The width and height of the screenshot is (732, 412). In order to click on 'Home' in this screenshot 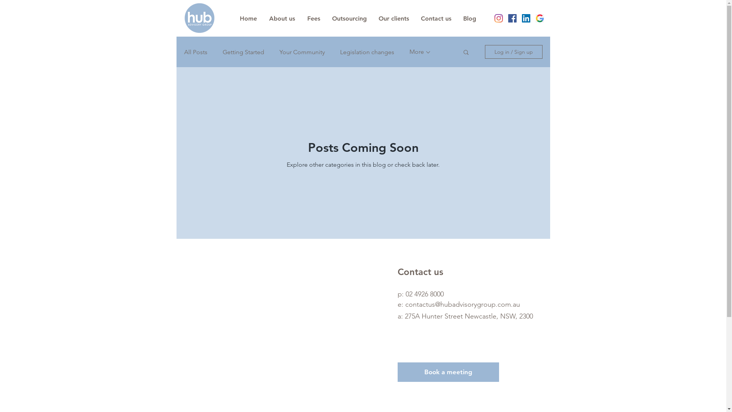, I will do `click(233, 18)`.